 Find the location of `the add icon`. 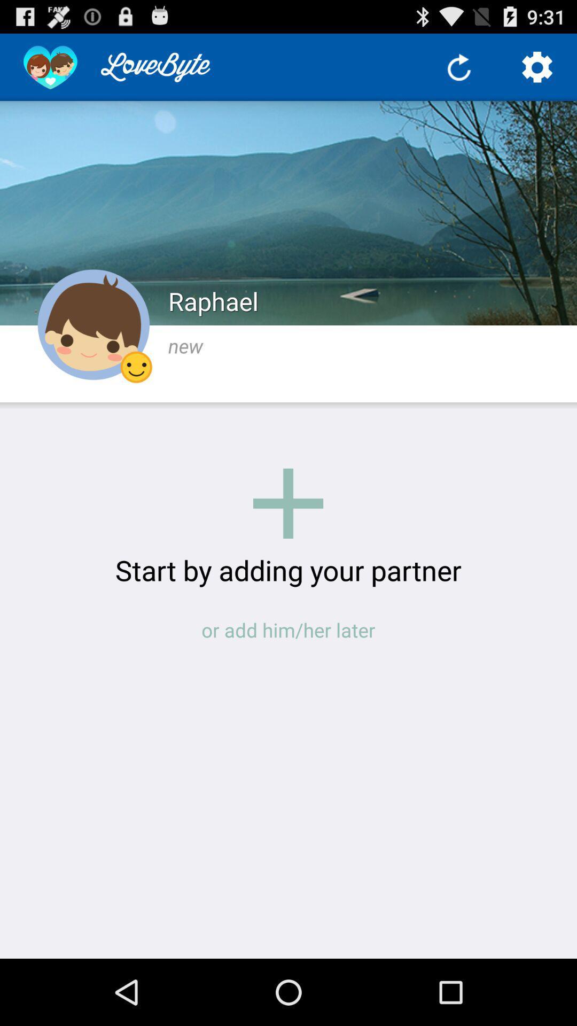

the add icon is located at coordinates (287, 539).